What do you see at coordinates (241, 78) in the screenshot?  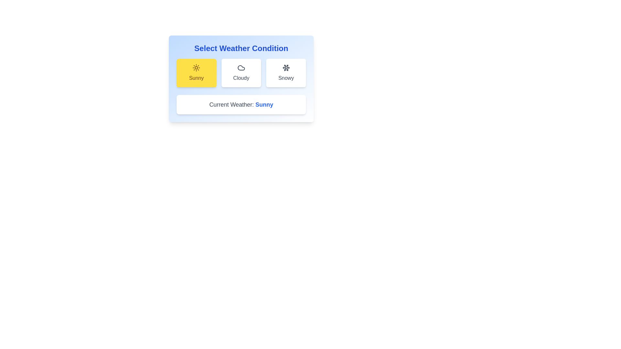 I see `text label indicating the weather condition 'Cloudy', located under the cloudy weather icon and positioned in between 'Sunny' and 'Snowy' in a horizontal list` at bounding box center [241, 78].